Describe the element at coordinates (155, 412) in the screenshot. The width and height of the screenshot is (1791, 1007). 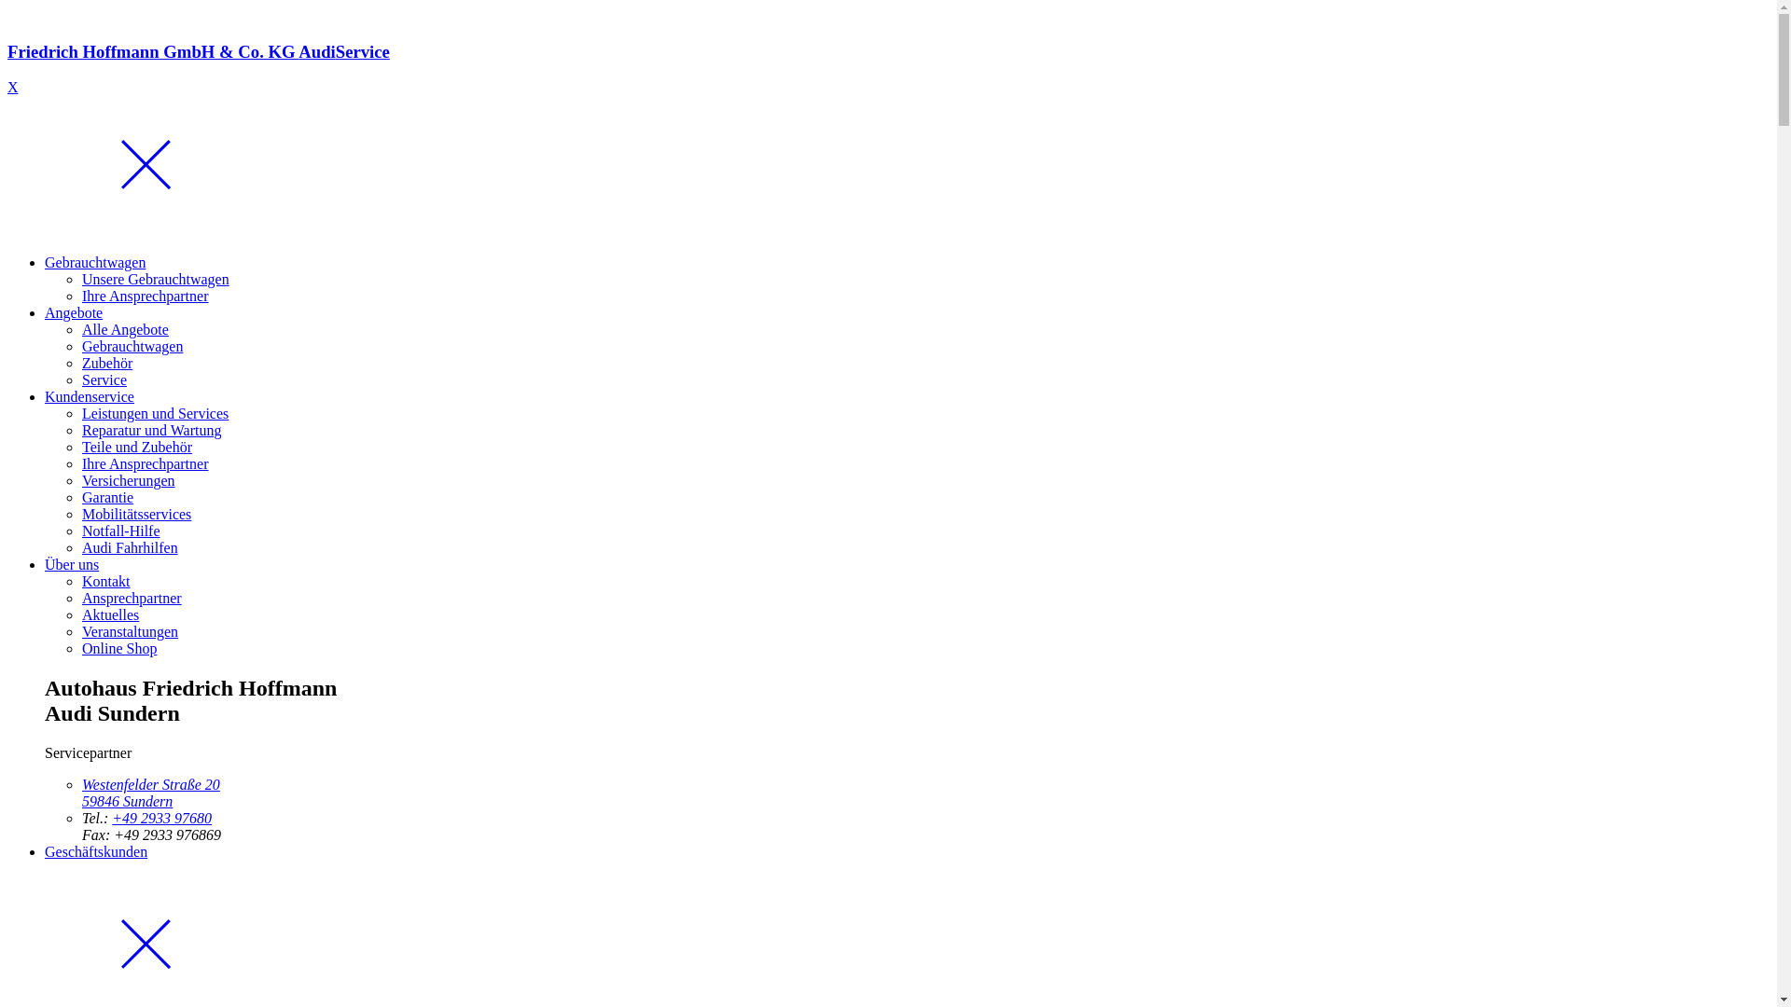
I see `'Leistungen und Services'` at that location.